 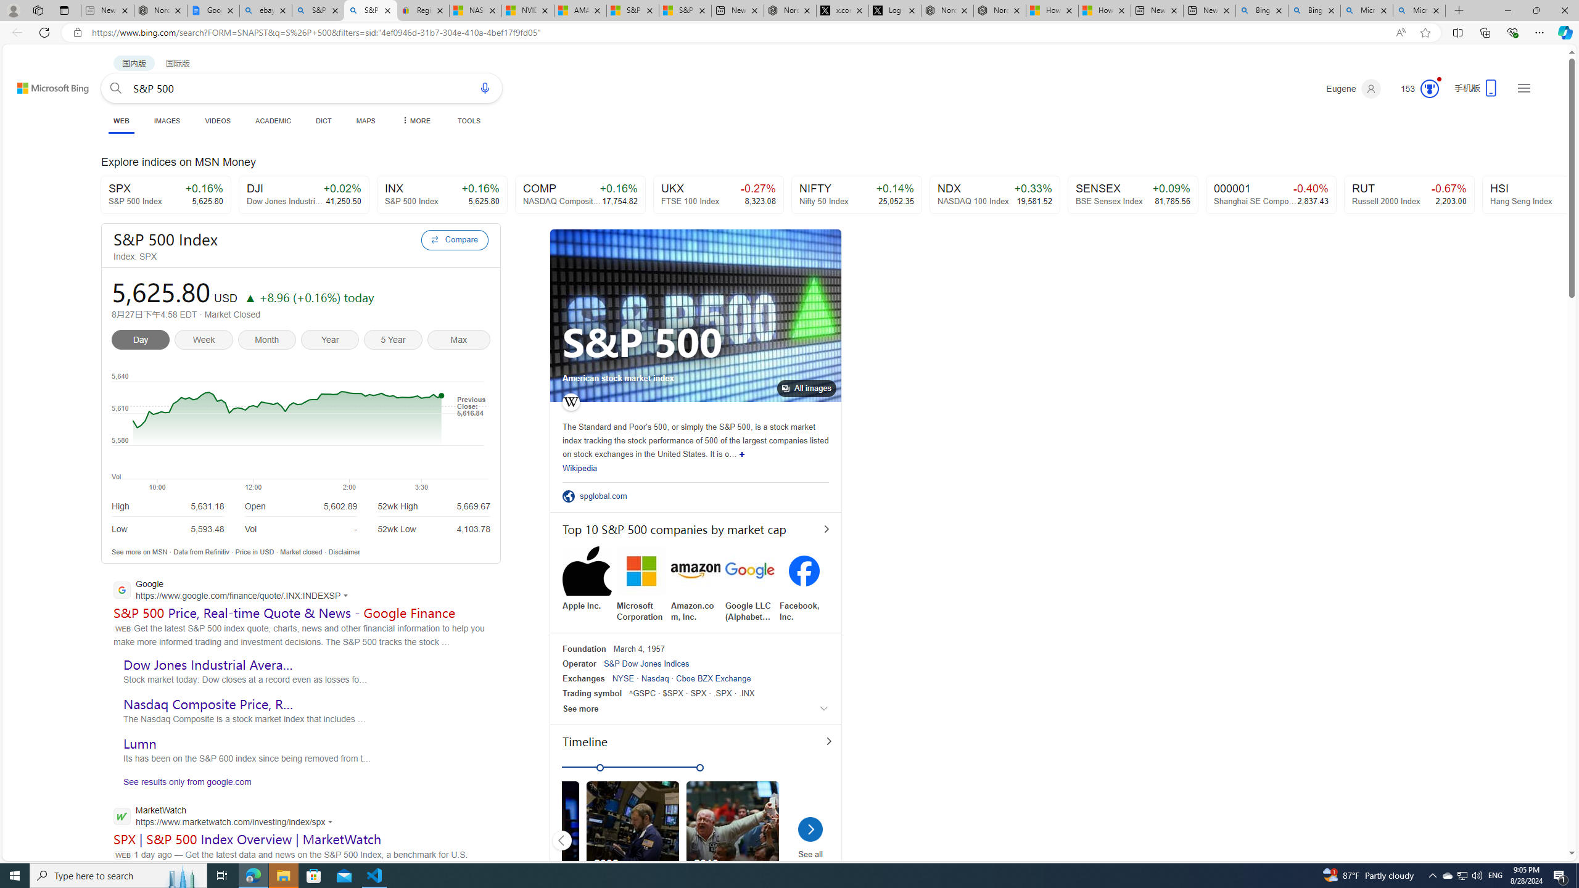 I want to click on 'Search using voice', so click(x=484, y=87).